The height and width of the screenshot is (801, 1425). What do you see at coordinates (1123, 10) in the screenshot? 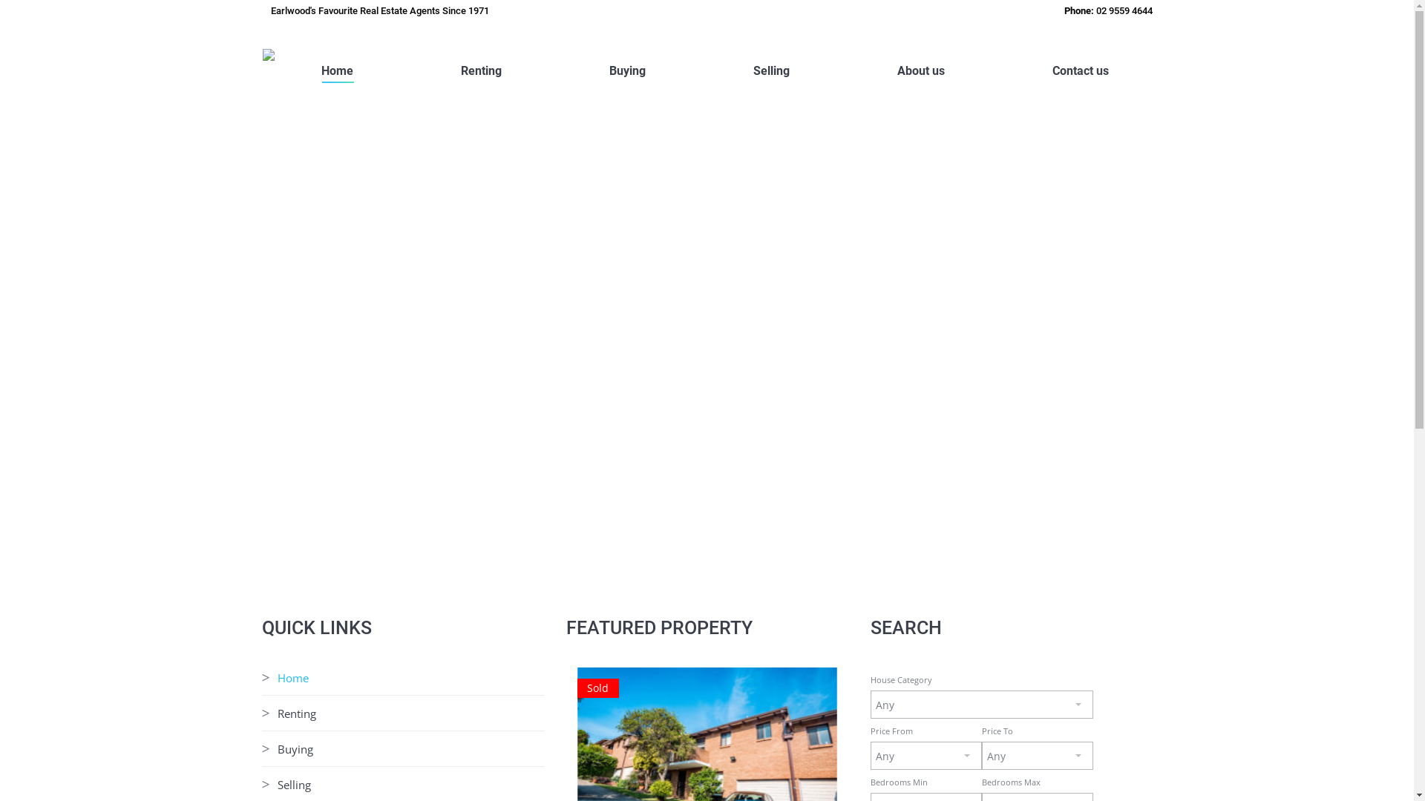
I see `'02 9559 4644'` at bounding box center [1123, 10].